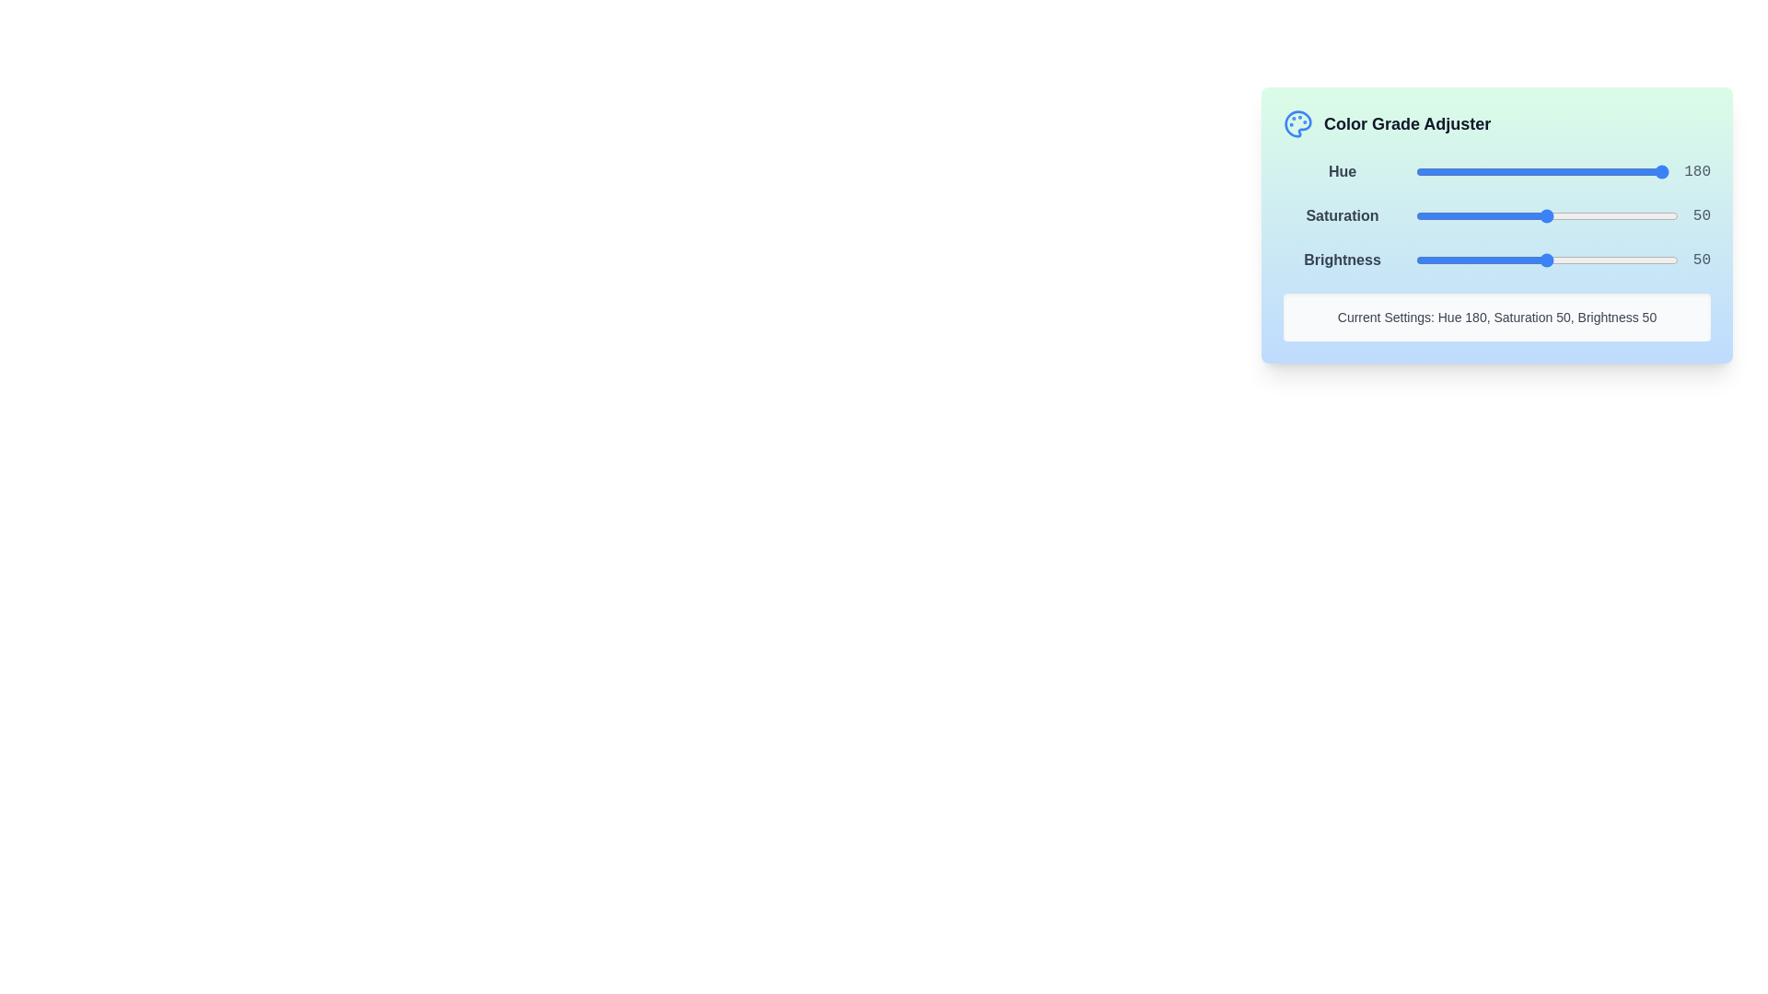 This screenshot has width=1768, height=994. What do you see at coordinates (1462, 260) in the screenshot?
I see `the brightness slider to set the brightness to 18%` at bounding box center [1462, 260].